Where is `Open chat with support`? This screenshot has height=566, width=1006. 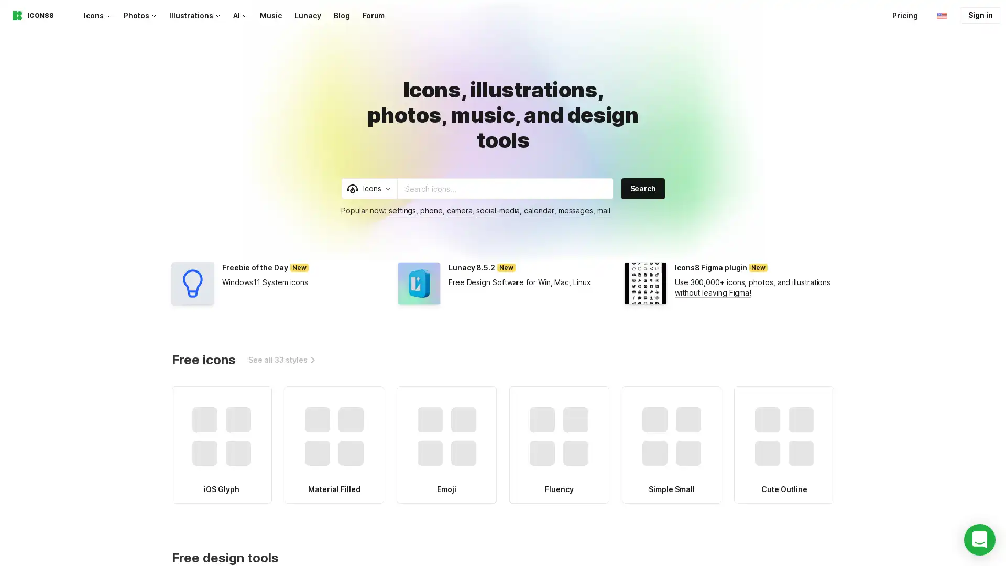 Open chat with support is located at coordinates (979, 539).